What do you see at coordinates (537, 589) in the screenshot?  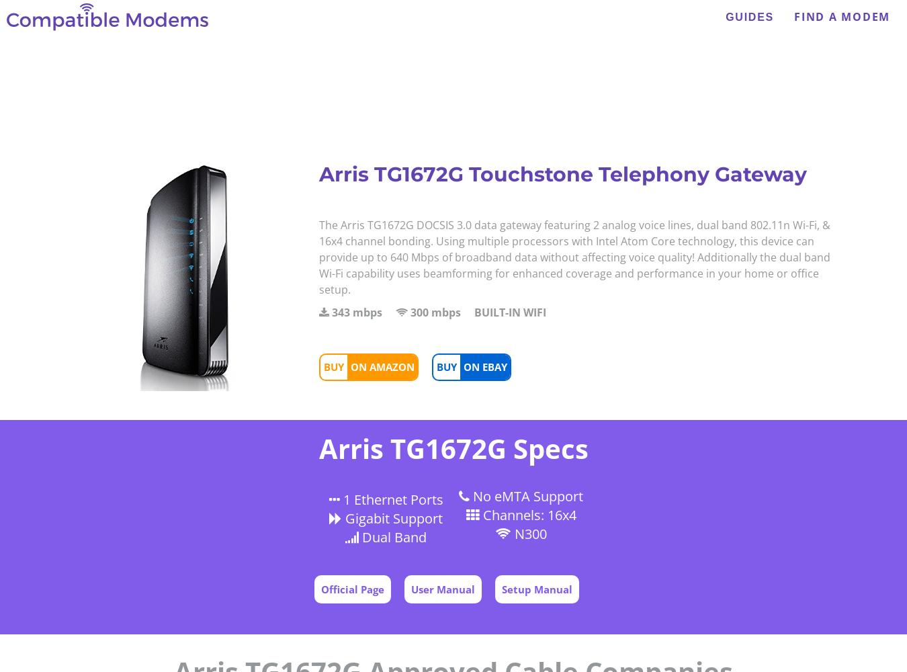 I see `'Setup Manual'` at bounding box center [537, 589].